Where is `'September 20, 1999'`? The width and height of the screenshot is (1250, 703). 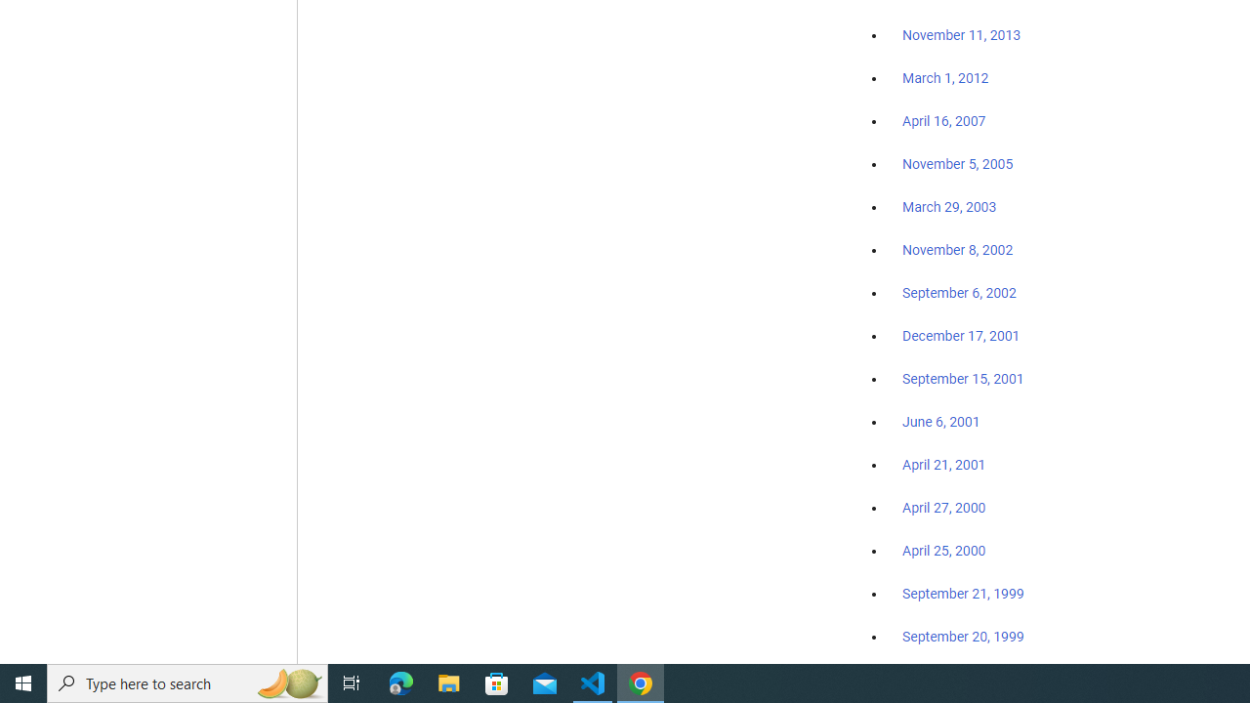
'September 20, 1999' is located at coordinates (963, 636).